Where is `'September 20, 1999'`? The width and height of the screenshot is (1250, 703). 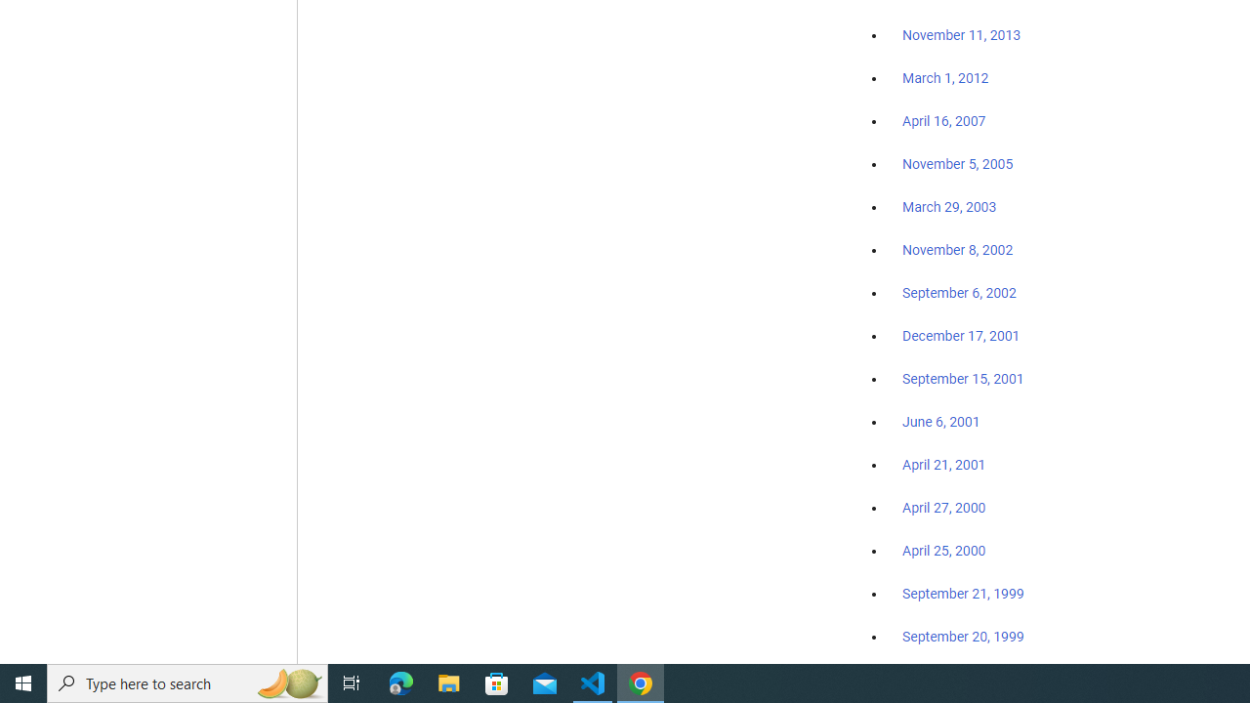
'September 20, 1999' is located at coordinates (963, 636).